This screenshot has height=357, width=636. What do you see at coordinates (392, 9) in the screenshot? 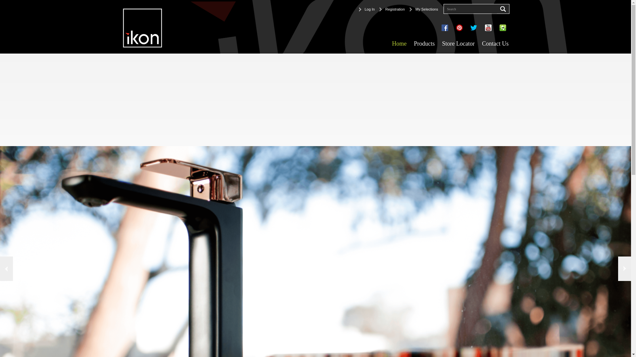
I see `'Registration'` at bounding box center [392, 9].